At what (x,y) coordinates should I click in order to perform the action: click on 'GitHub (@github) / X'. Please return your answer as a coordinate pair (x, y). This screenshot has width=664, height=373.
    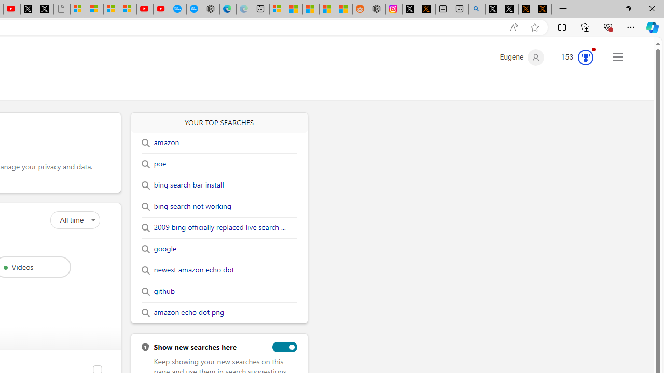
    Looking at the image, I should click on (510, 9).